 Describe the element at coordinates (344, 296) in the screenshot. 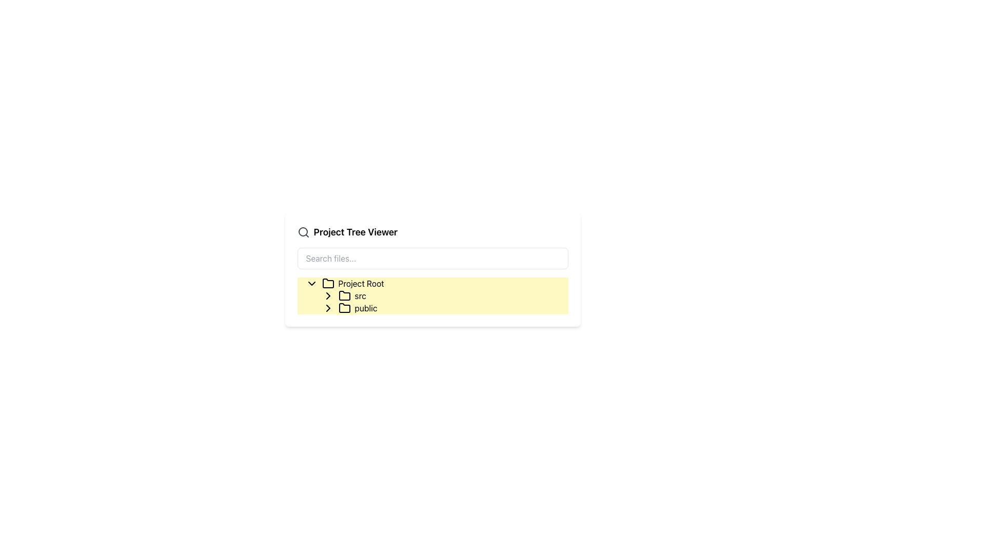

I see `the folder icon representing the 'src' label in the file tree to interact with the folder` at that location.